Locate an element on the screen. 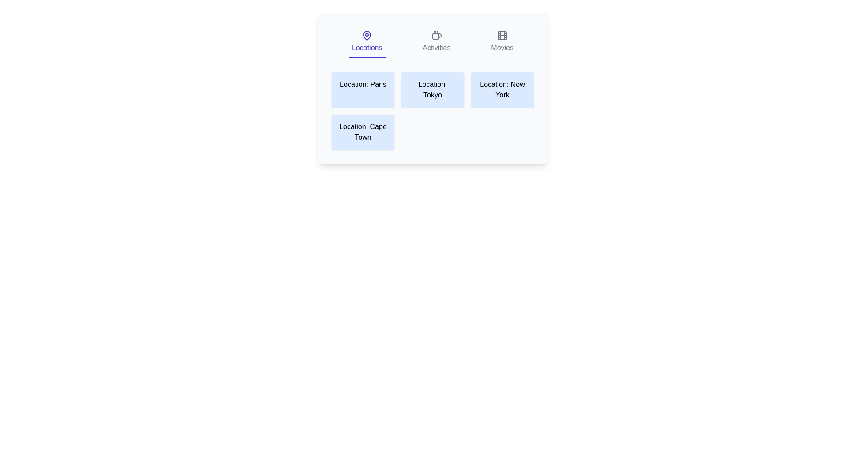 Image resolution: width=847 pixels, height=476 pixels. the location card labeled Cape Town is located at coordinates (363, 132).